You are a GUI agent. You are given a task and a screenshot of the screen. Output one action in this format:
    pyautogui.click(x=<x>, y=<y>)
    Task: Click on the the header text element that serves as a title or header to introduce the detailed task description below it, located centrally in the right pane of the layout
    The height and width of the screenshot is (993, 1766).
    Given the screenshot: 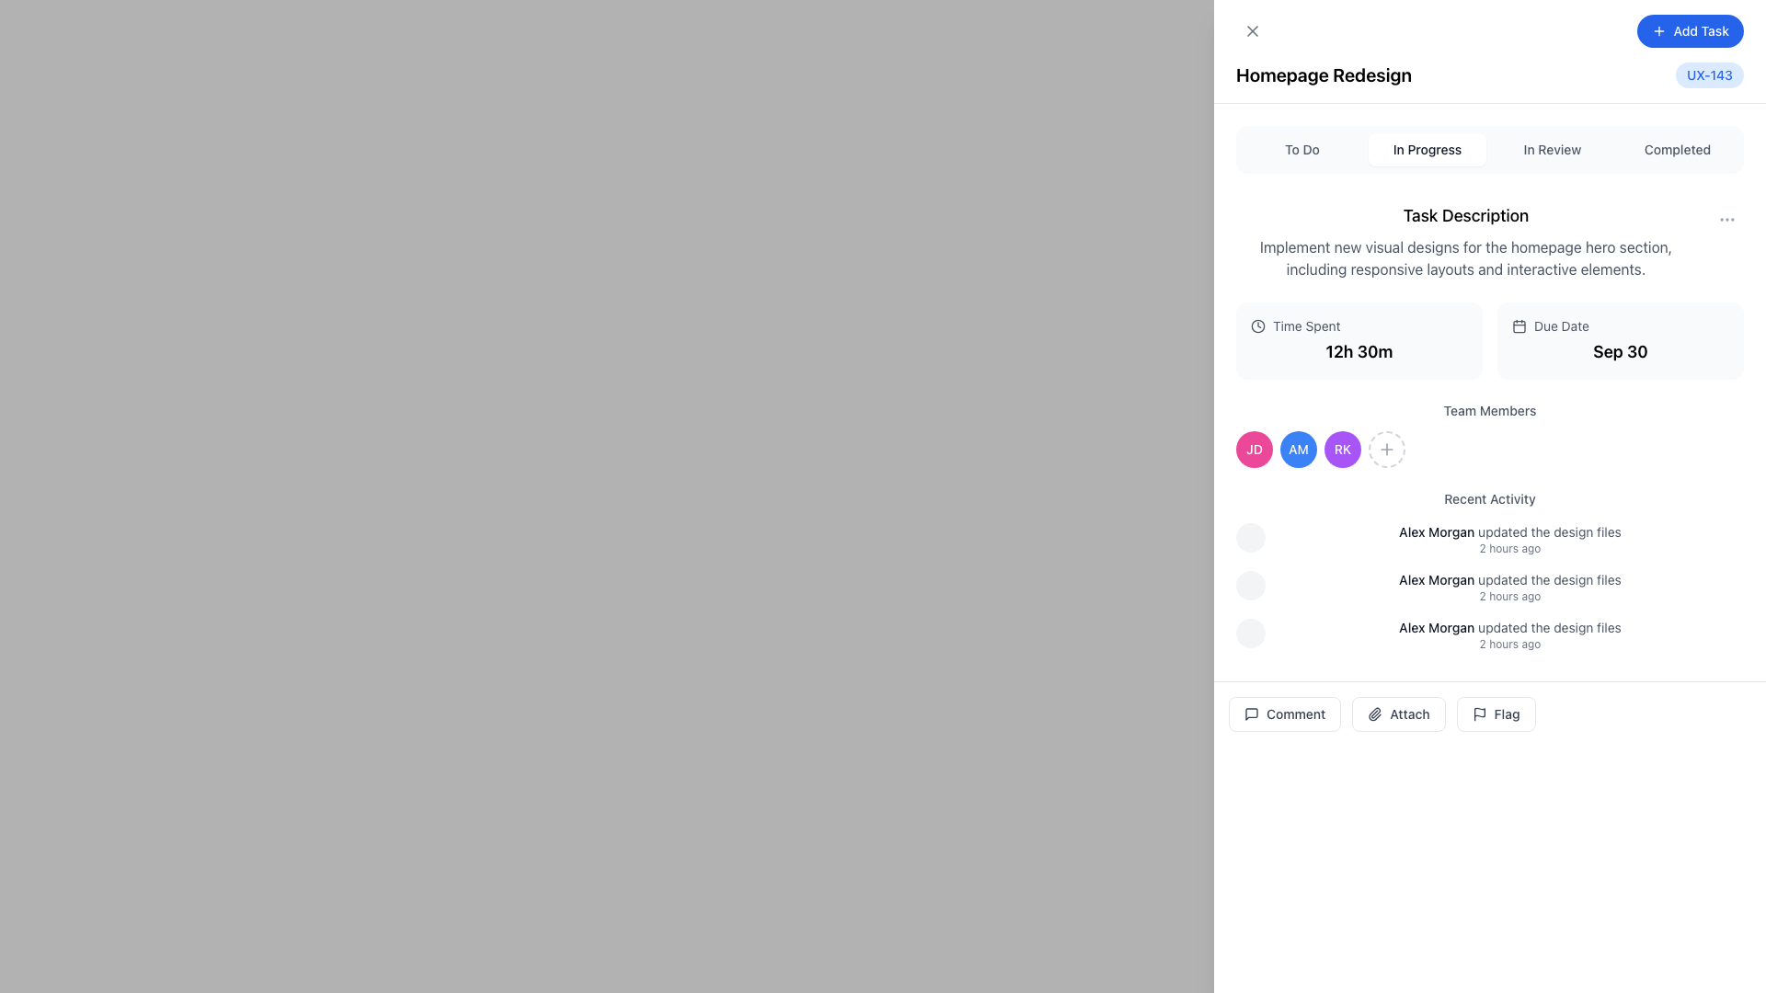 What is the action you would take?
    pyautogui.click(x=1464, y=215)
    